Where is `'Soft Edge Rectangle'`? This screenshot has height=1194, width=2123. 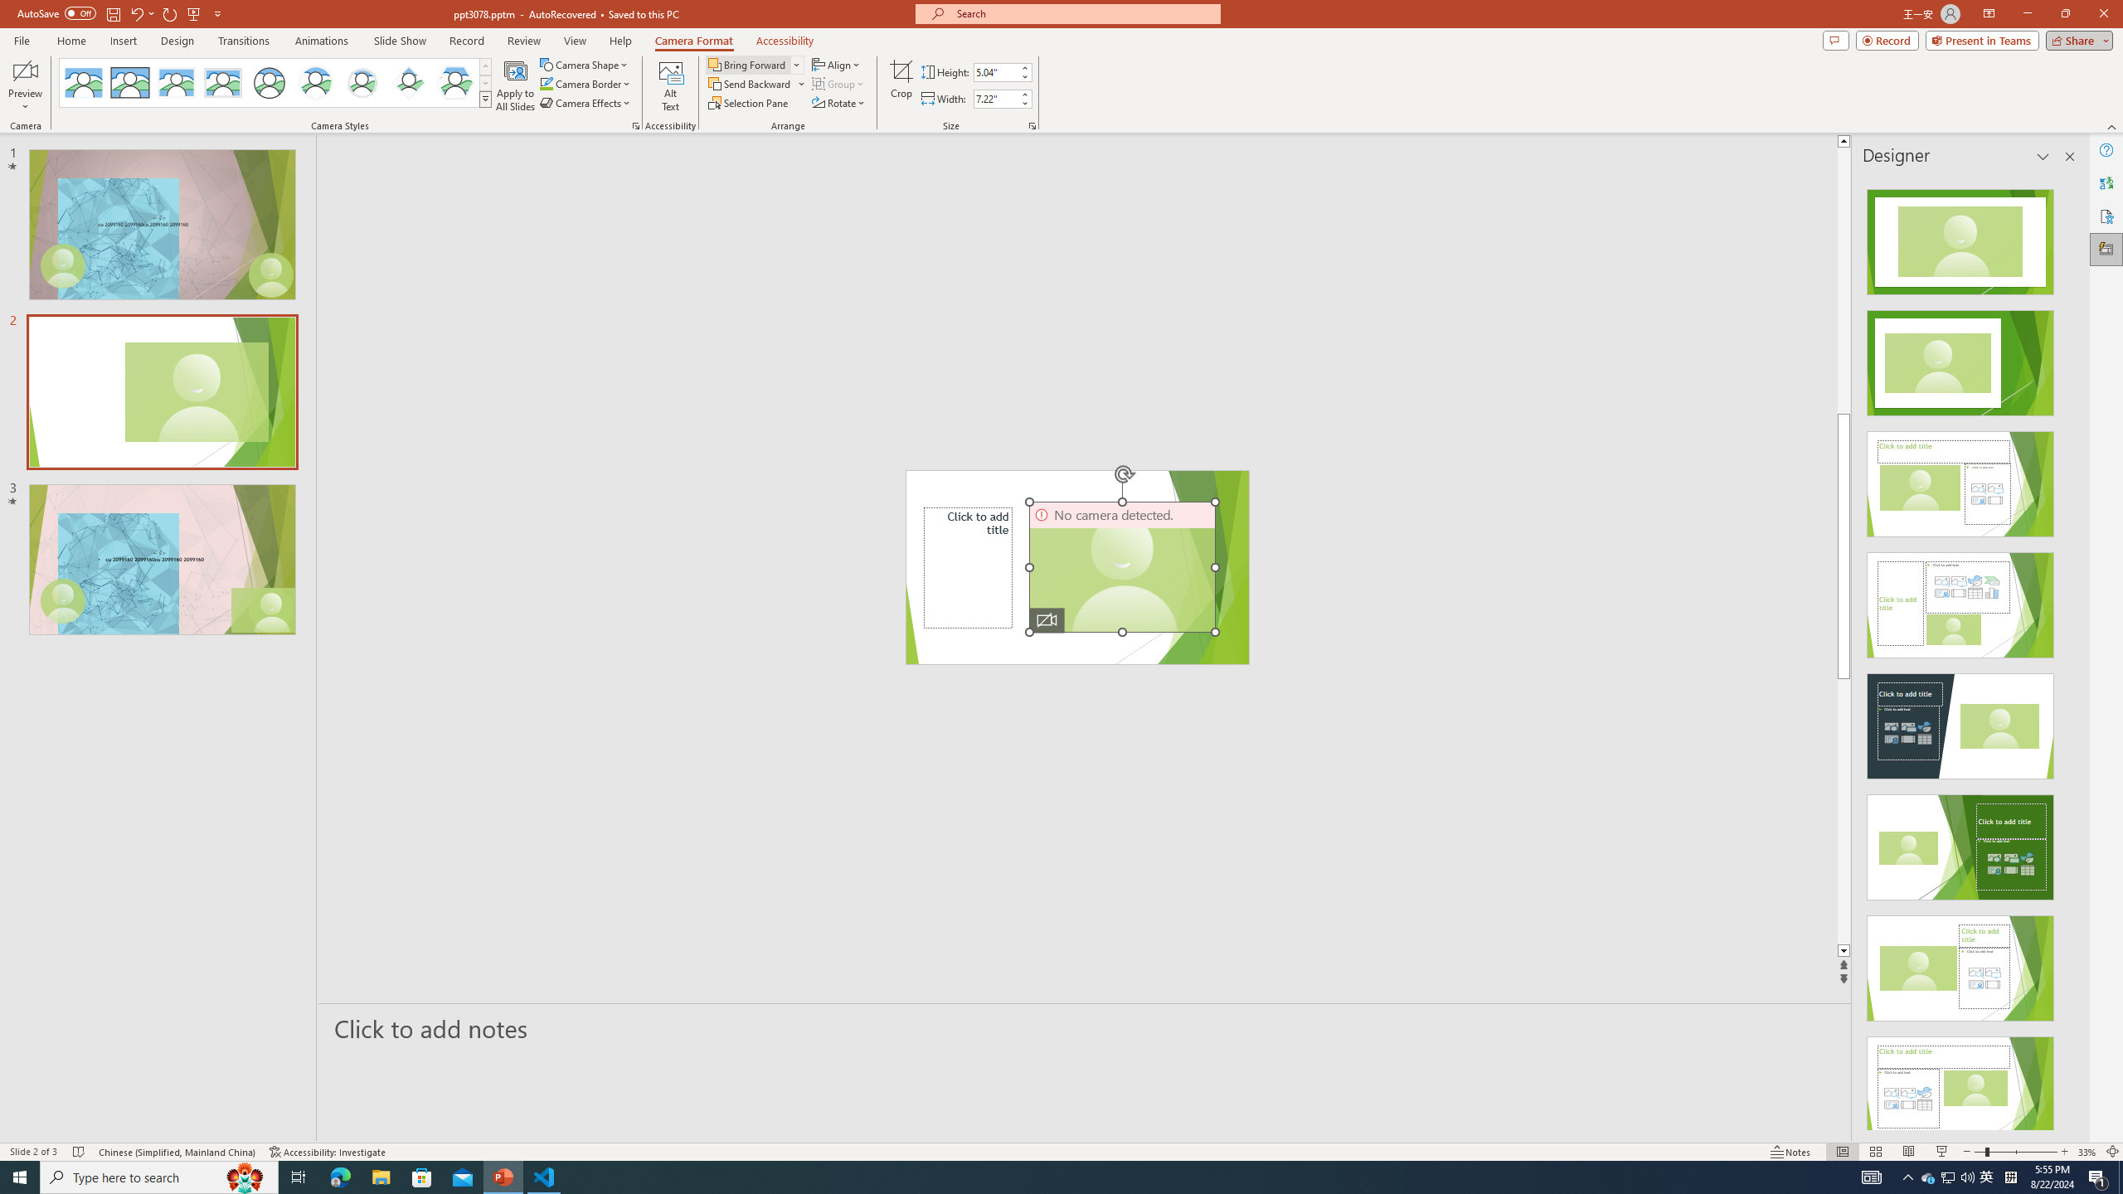
'Soft Edge Rectangle' is located at coordinates (222, 82).